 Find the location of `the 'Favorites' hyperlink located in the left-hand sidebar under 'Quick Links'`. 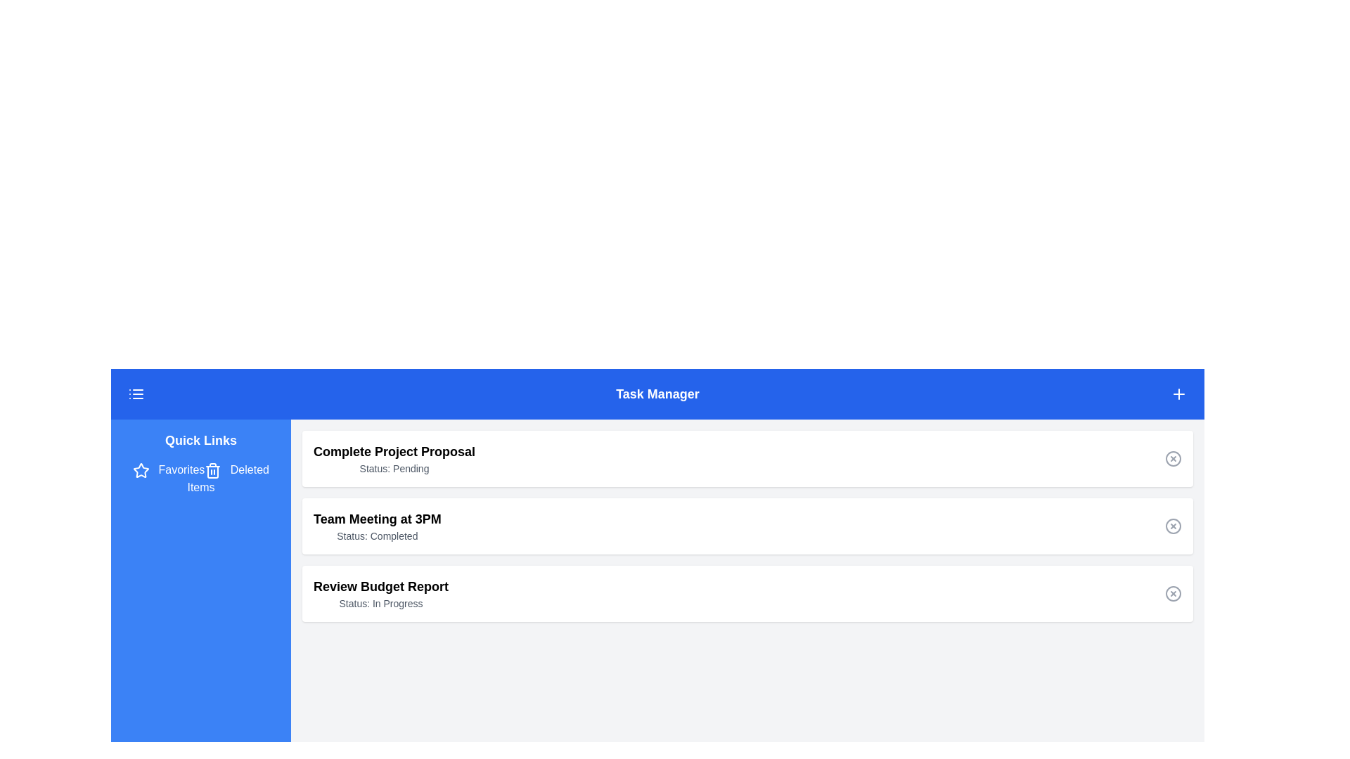

the 'Favorites' hyperlink located in the left-hand sidebar under 'Quick Links' is located at coordinates (169, 469).